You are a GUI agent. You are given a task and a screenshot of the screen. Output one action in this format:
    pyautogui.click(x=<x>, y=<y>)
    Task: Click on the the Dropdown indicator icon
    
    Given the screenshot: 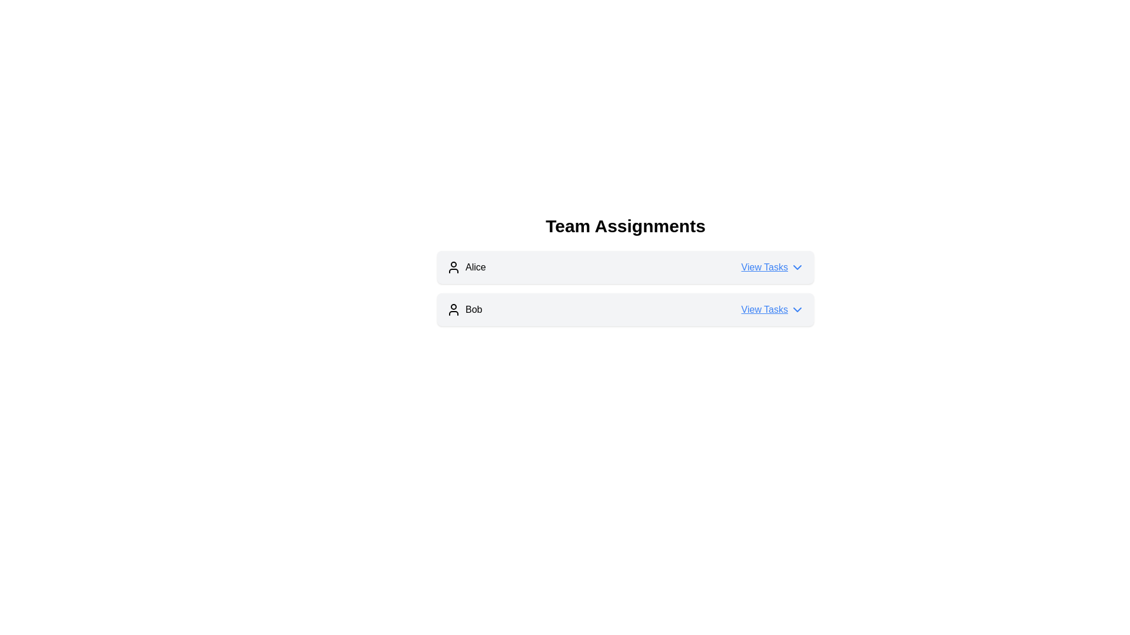 What is the action you would take?
    pyautogui.click(x=797, y=268)
    